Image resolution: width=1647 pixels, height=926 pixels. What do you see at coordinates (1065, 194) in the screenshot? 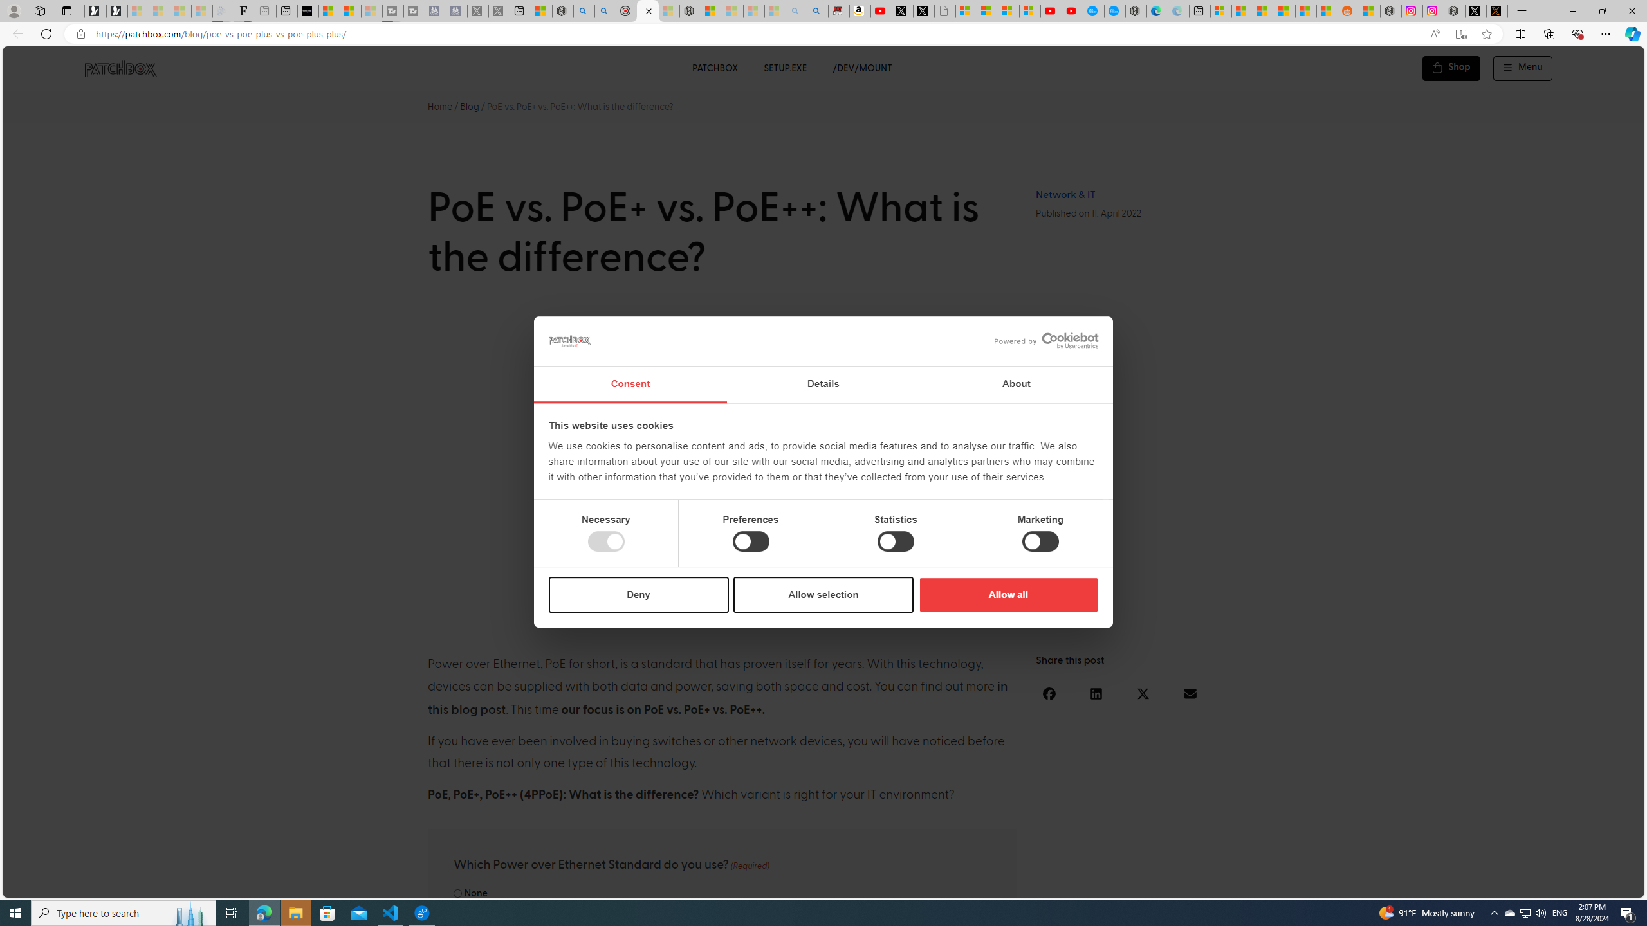
I see `'Network & IT'` at bounding box center [1065, 194].